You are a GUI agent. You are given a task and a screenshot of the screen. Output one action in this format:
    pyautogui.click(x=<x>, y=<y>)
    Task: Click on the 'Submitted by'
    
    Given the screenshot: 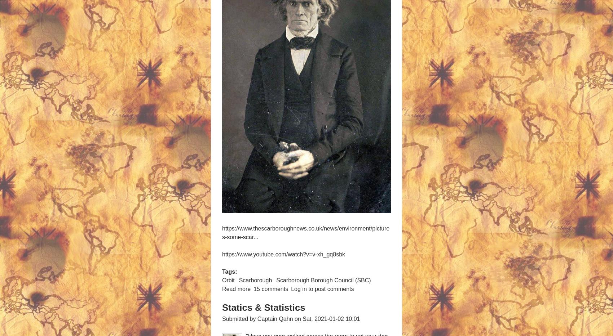 What is the action you would take?
    pyautogui.click(x=239, y=318)
    